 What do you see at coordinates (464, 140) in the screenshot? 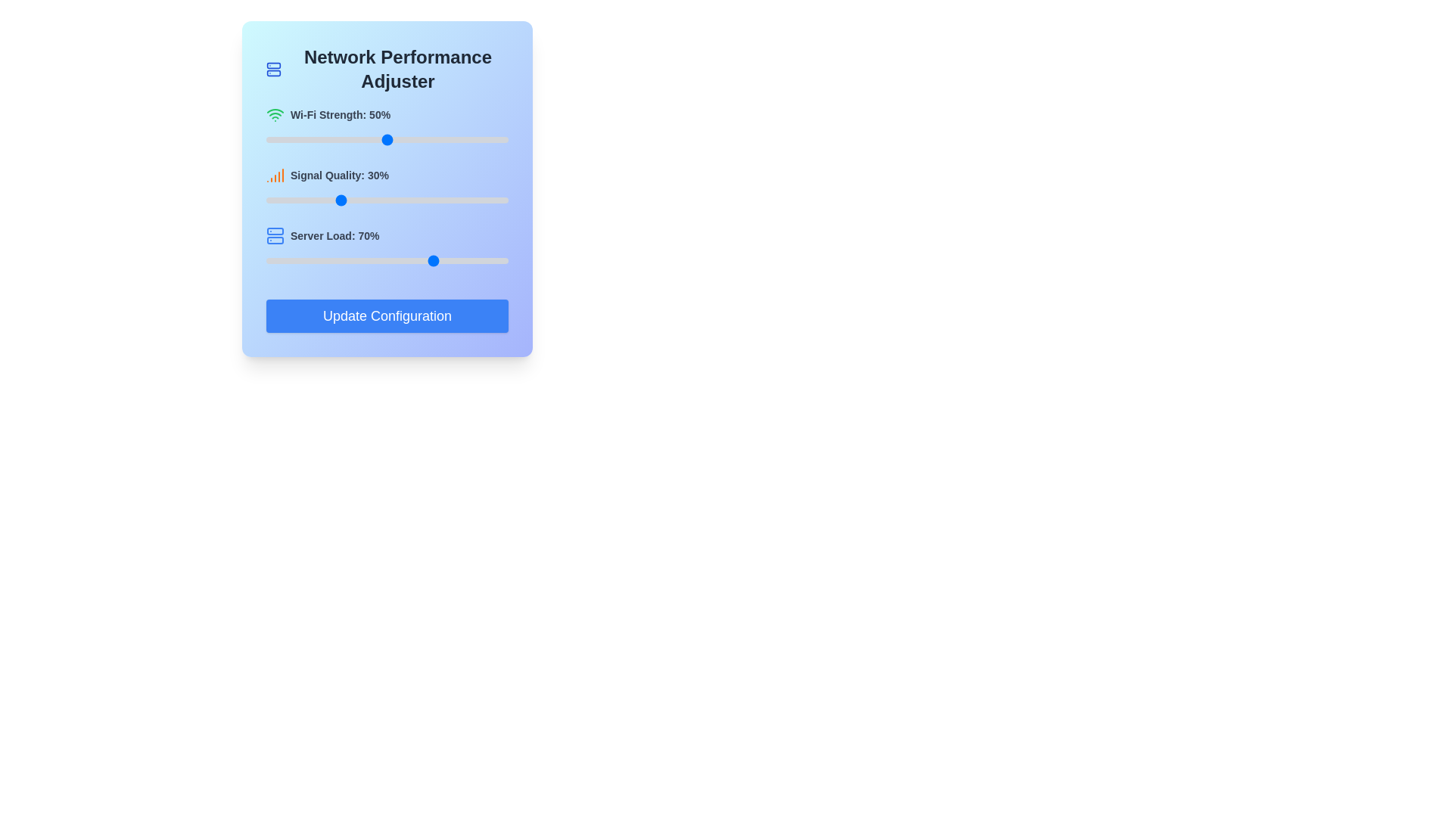
I see `Wi-Fi strength` at bounding box center [464, 140].